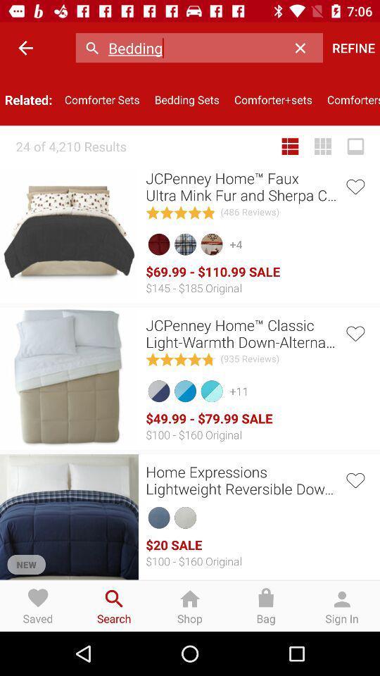  Describe the element at coordinates (353, 48) in the screenshot. I see `item above comforters` at that location.